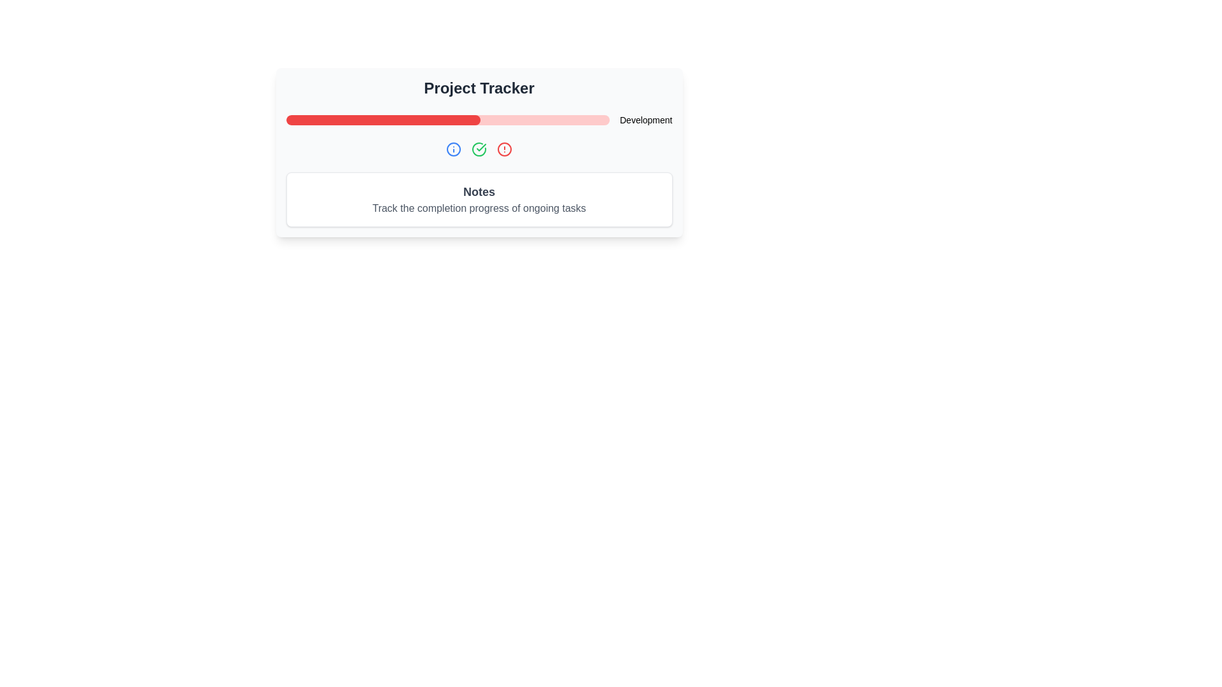 This screenshot has width=1222, height=687. What do you see at coordinates (454, 149) in the screenshot?
I see `the informational icon located beneath the 'Project Tracker' red progress bar` at bounding box center [454, 149].